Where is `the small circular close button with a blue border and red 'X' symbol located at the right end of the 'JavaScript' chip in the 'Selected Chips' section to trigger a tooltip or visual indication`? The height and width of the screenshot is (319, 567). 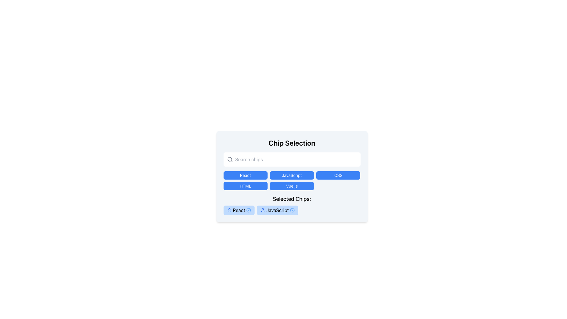
the small circular close button with a blue border and red 'X' symbol located at the right end of the 'JavaScript' chip in the 'Selected Chips' section to trigger a tooltip or visual indication is located at coordinates (292, 210).